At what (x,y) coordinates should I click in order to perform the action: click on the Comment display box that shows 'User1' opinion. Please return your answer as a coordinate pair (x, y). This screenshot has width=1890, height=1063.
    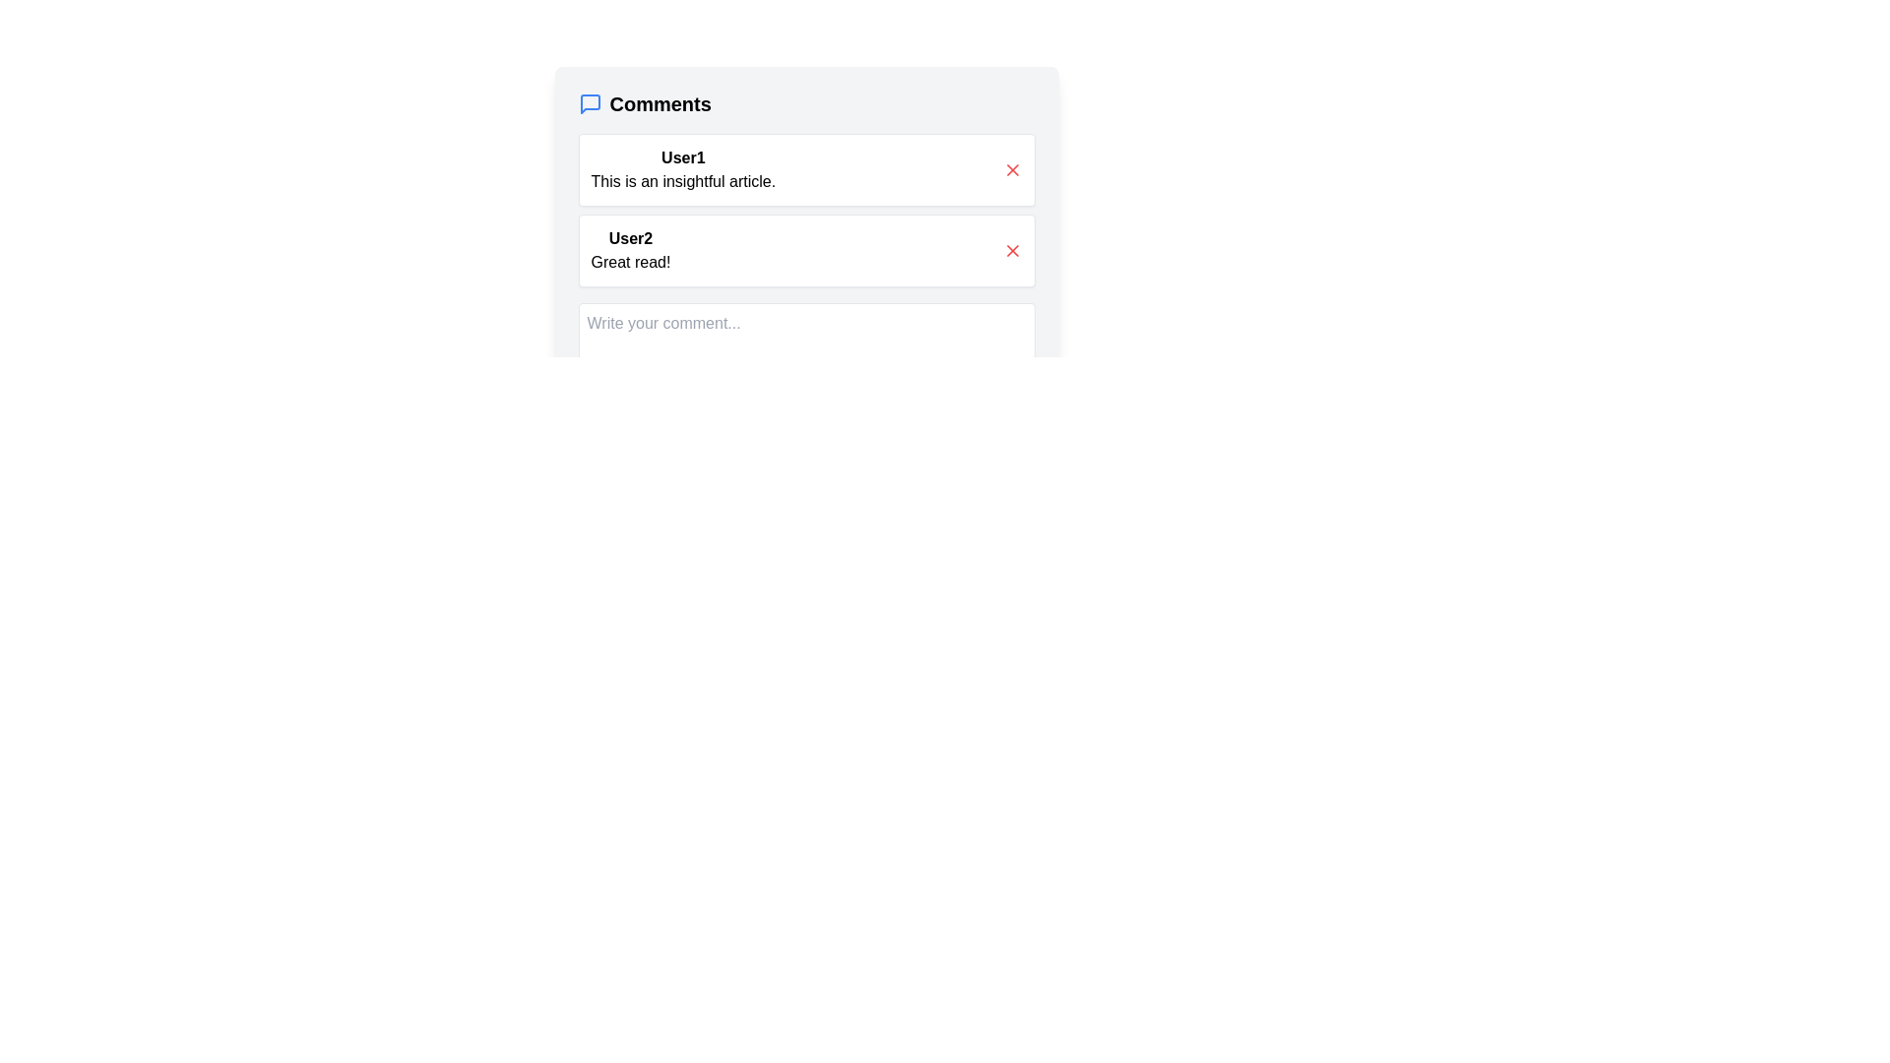
    Looking at the image, I should click on (683, 169).